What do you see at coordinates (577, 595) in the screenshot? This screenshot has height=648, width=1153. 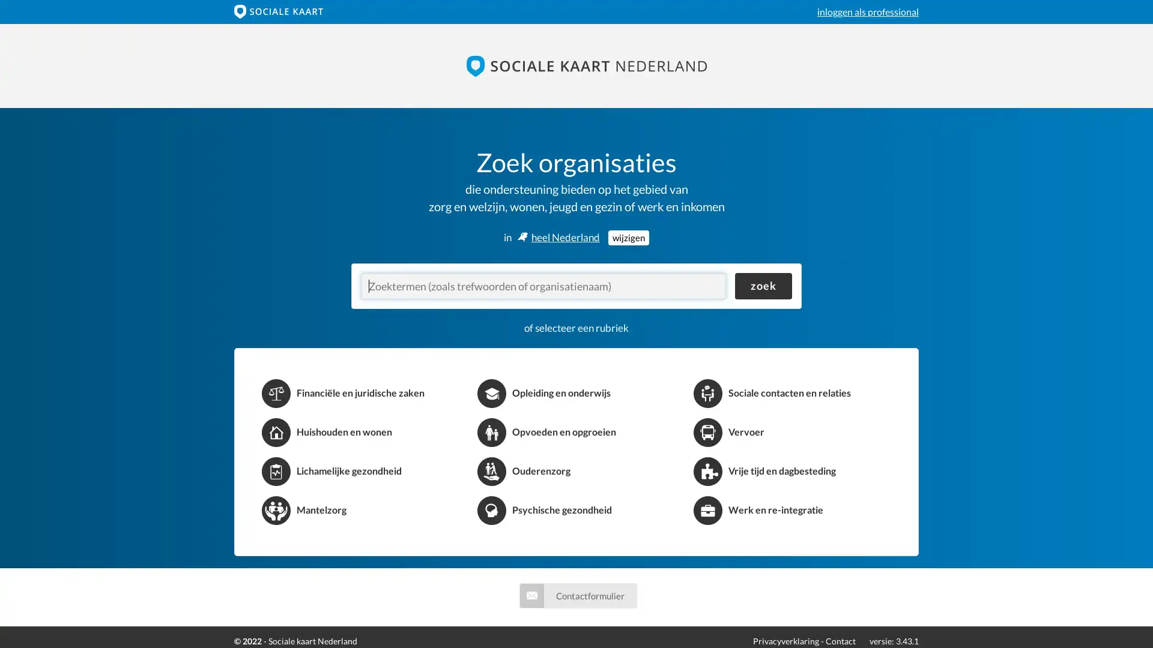 I see `Contactformulier` at bounding box center [577, 595].